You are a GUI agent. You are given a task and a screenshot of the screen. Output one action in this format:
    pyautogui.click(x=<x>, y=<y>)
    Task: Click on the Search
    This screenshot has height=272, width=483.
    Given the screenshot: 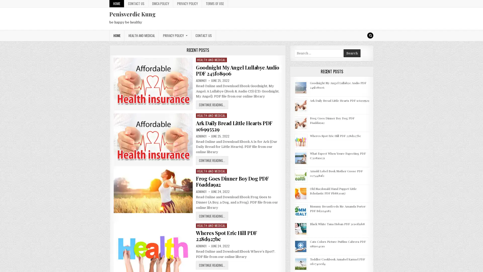 What is the action you would take?
    pyautogui.click(x=352, y=53)
    